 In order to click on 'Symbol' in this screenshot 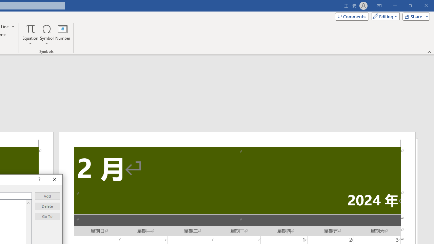, I will do `click(46, 35)`.